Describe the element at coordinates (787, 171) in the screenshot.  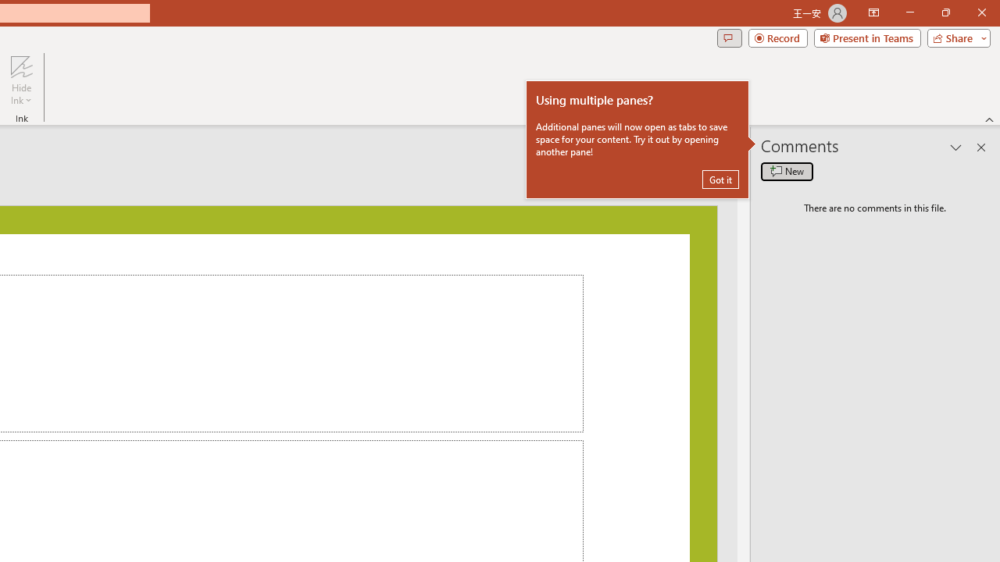
I see `'New comment'` at that location.